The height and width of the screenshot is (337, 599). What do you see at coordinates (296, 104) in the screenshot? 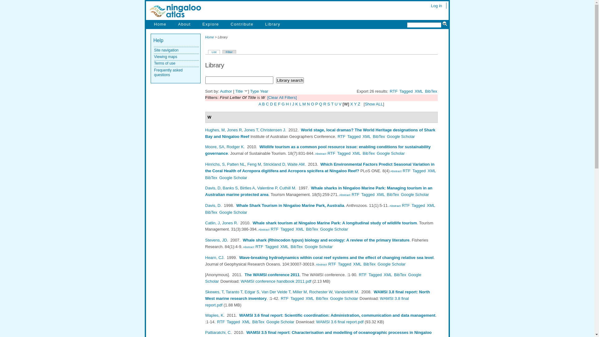
I see `'K'` at bounding box center [296, 104].